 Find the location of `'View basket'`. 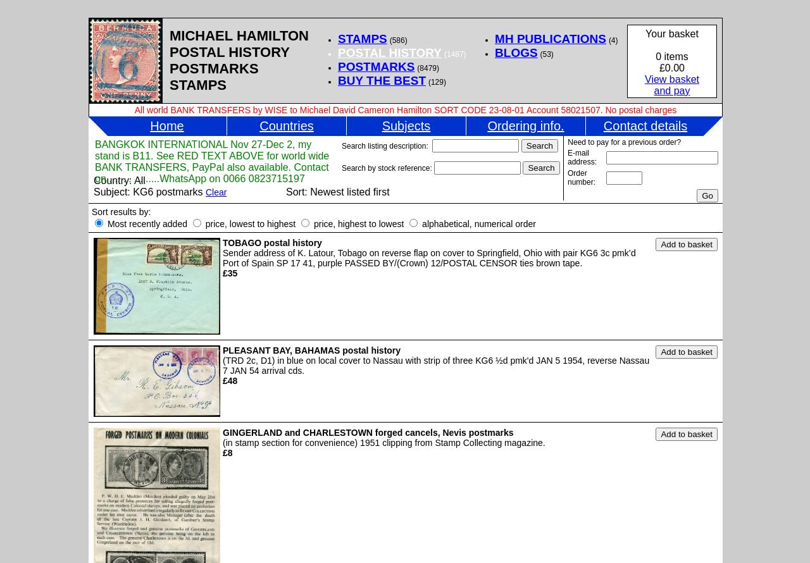

'View basket' is located at coordinates (671, 78).